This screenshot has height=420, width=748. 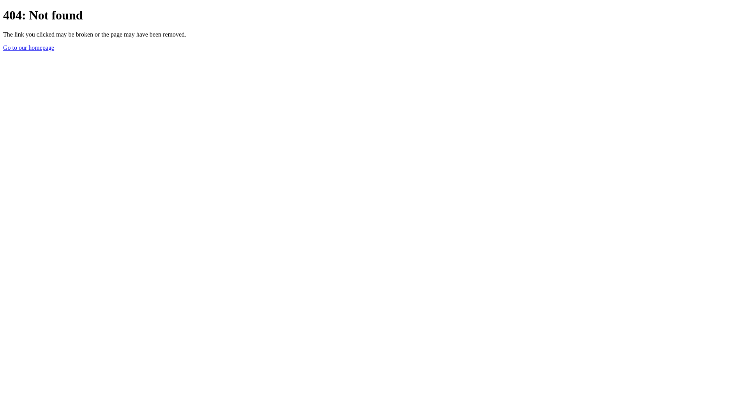 I want to click on 'Go to our homepage', so click(x=28, y=47).